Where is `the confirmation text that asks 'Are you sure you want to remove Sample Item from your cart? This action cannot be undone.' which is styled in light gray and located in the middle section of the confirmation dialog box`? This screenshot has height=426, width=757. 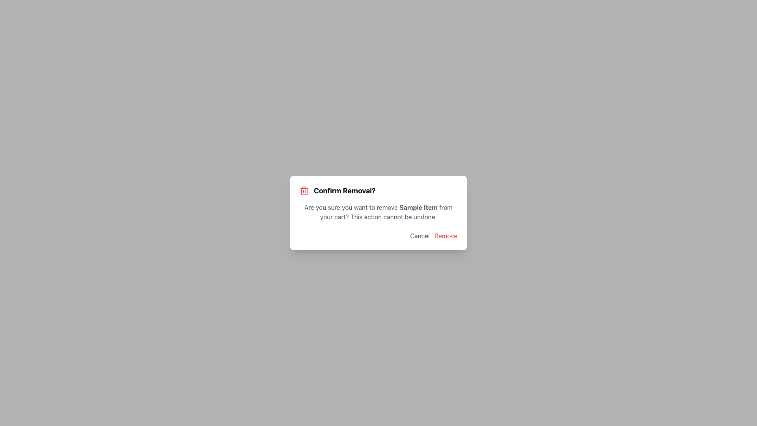
the confirmation text that asks 'Are you sure you want to remove Sample Item from your cart? This action cannot be undone.' which is styled in light gray and located in the middle section of the confirmation dialog box is located at coordinates (378, 211).